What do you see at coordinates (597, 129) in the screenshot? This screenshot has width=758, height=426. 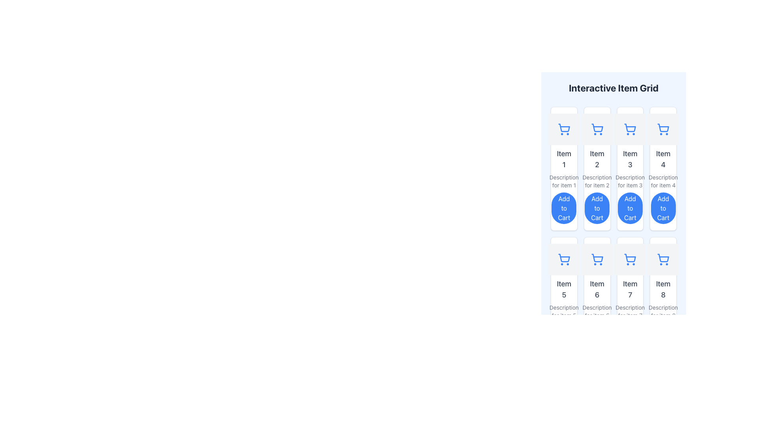 I see `the shopping cart icon located in the second column of the top row of the interactive item grid` at bounding box center [597, 129].